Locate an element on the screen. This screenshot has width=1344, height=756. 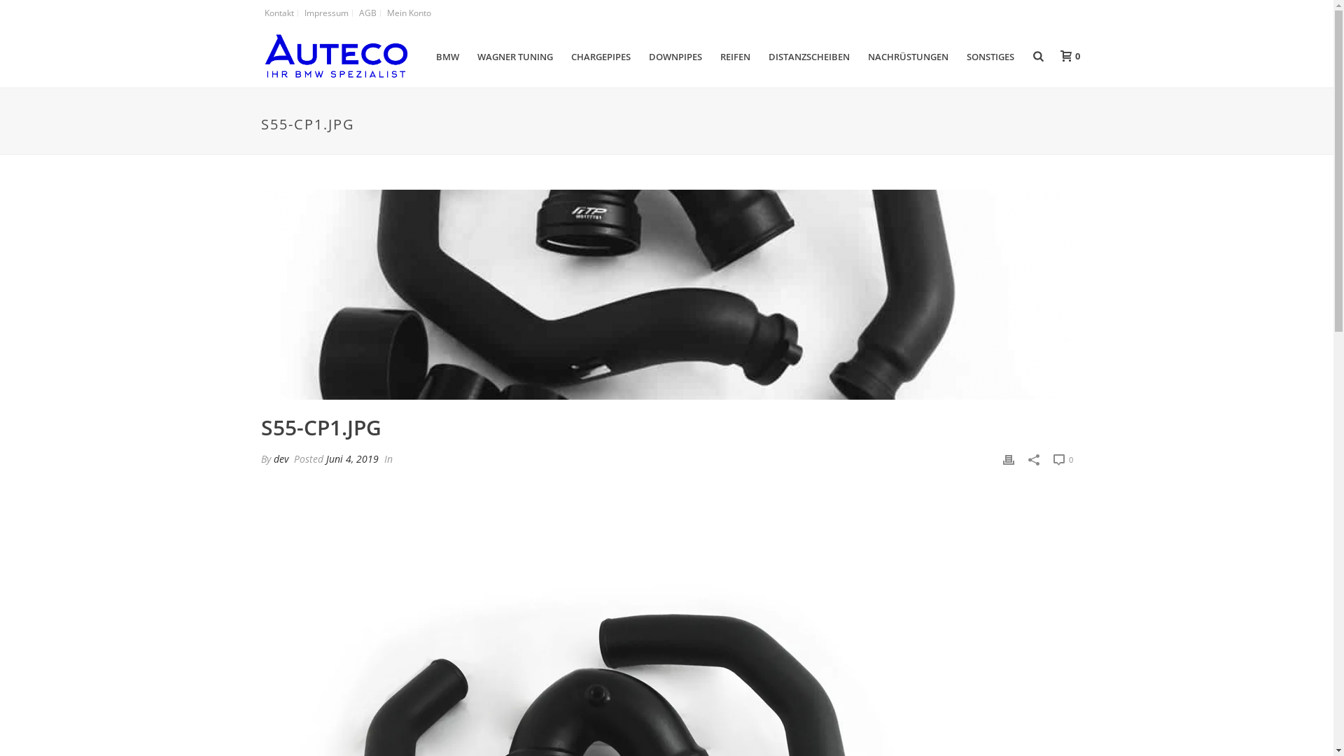
'Kontakt' is located at coordinates (279, 13).